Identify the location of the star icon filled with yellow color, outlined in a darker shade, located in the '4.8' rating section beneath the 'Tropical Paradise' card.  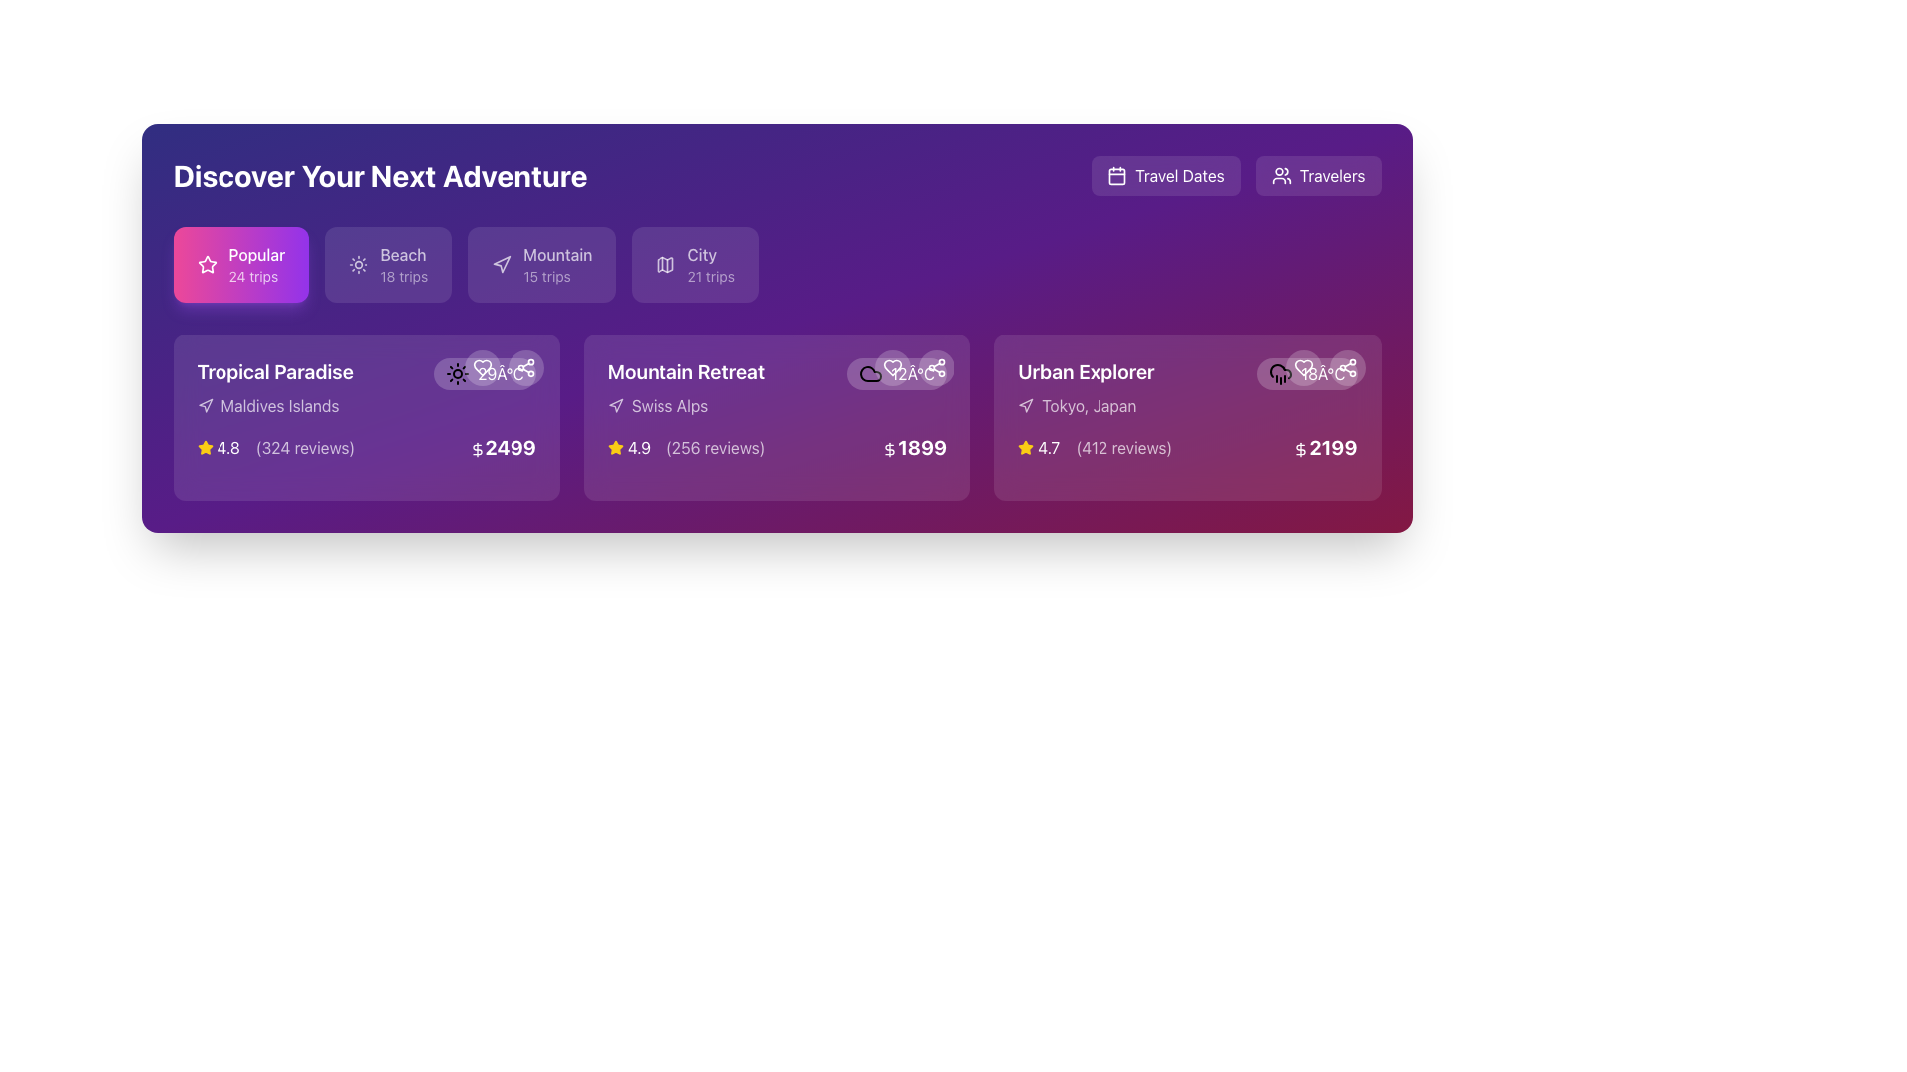
(205, 448).